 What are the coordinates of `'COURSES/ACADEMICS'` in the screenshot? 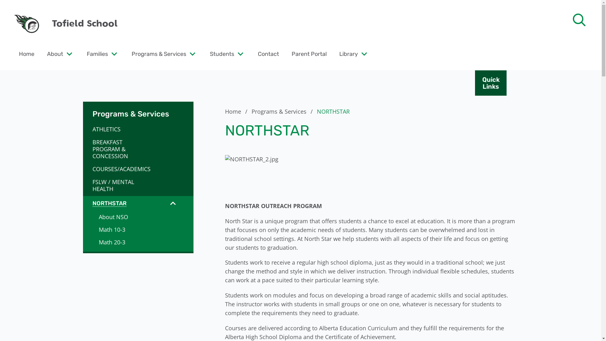 It's located at (120, 169).